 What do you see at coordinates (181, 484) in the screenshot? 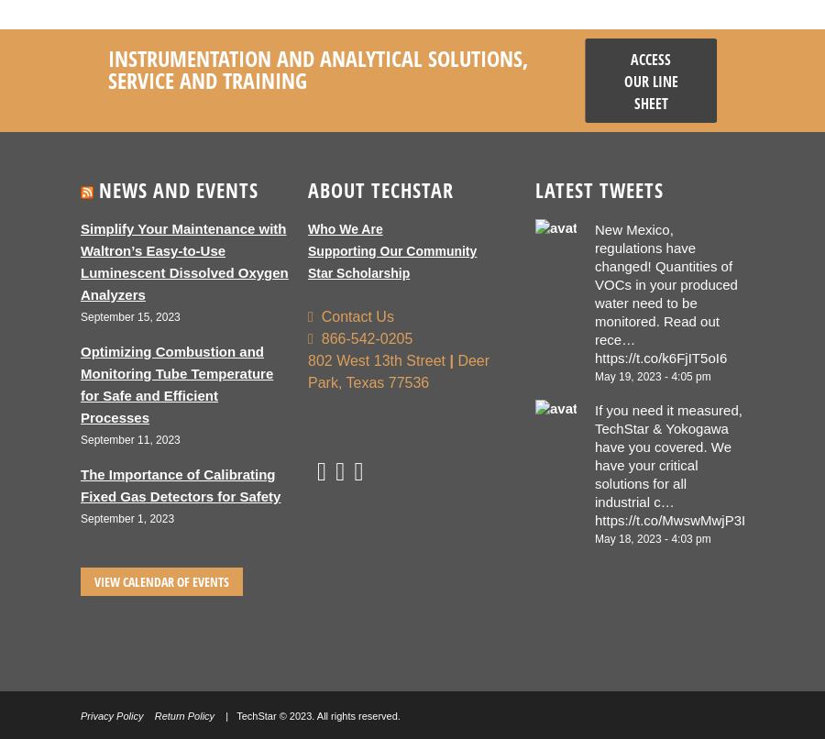
I see `'The Importance of Calibrating Fixed Gas Detectors for Safety'` at bounding box center [181, 484].